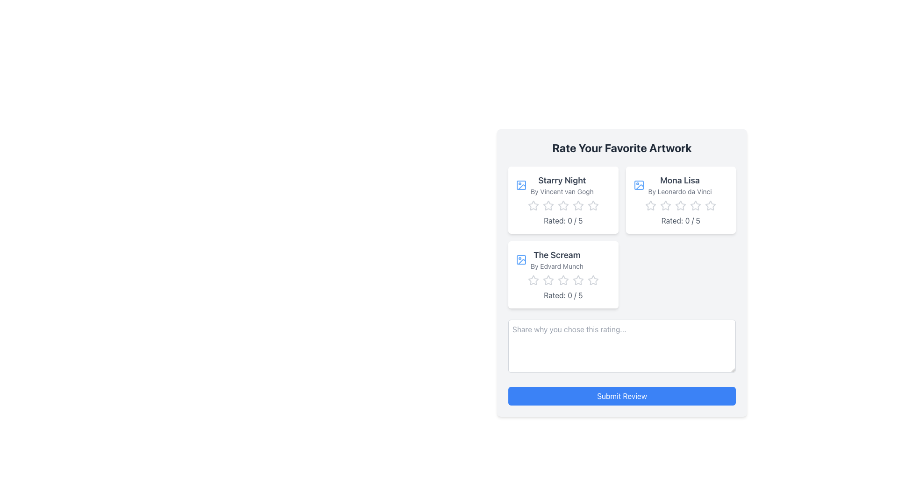  I want to click on the text label displaying the current rating of the artwork 'Mona Lisa', which shows a rating of 0 out of 5, located inside the card in the top-right section of the layout, so click(681, 221).